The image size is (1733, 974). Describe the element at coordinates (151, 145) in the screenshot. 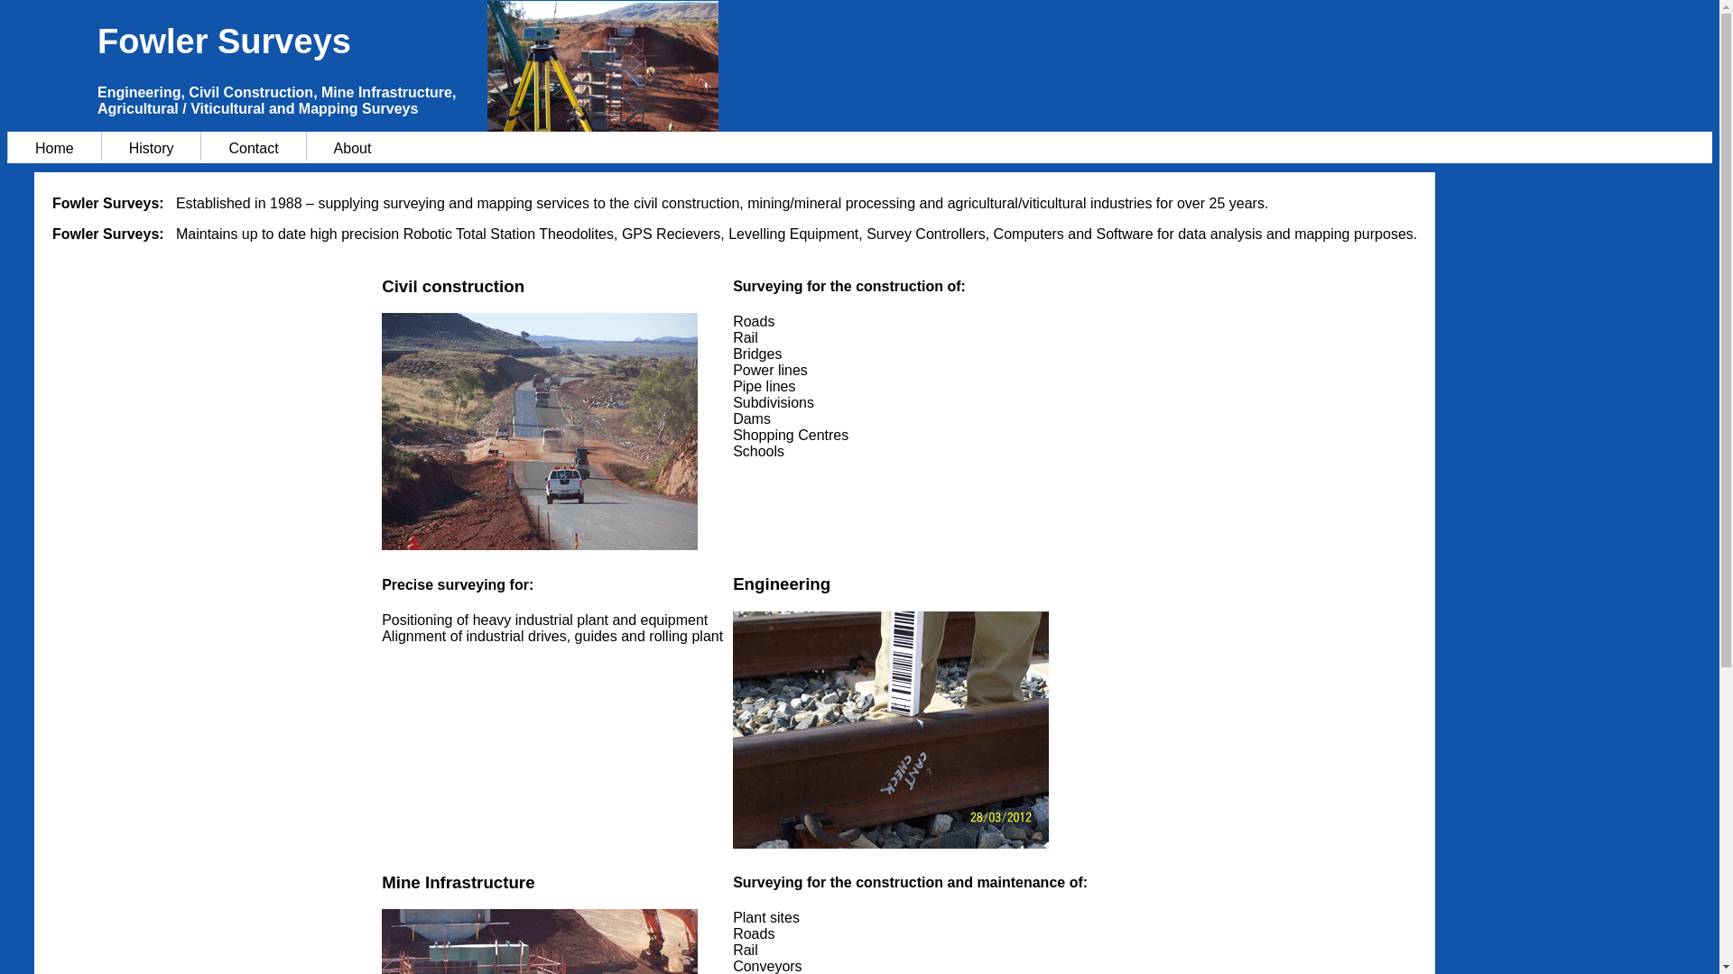

I see `'History'` at that location.